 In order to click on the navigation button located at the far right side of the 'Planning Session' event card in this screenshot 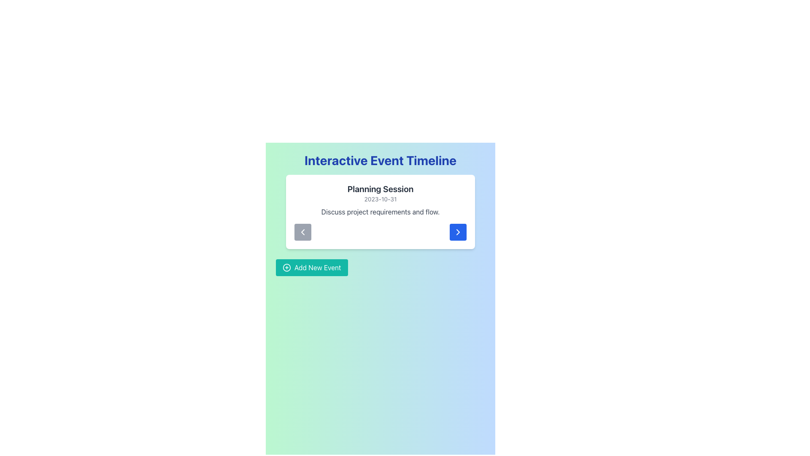, I will do `click(457, 232)`.